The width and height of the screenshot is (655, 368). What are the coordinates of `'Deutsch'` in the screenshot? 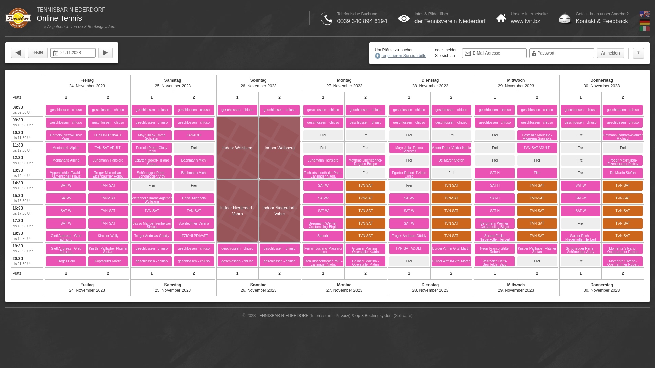 It's located at (644, 23).